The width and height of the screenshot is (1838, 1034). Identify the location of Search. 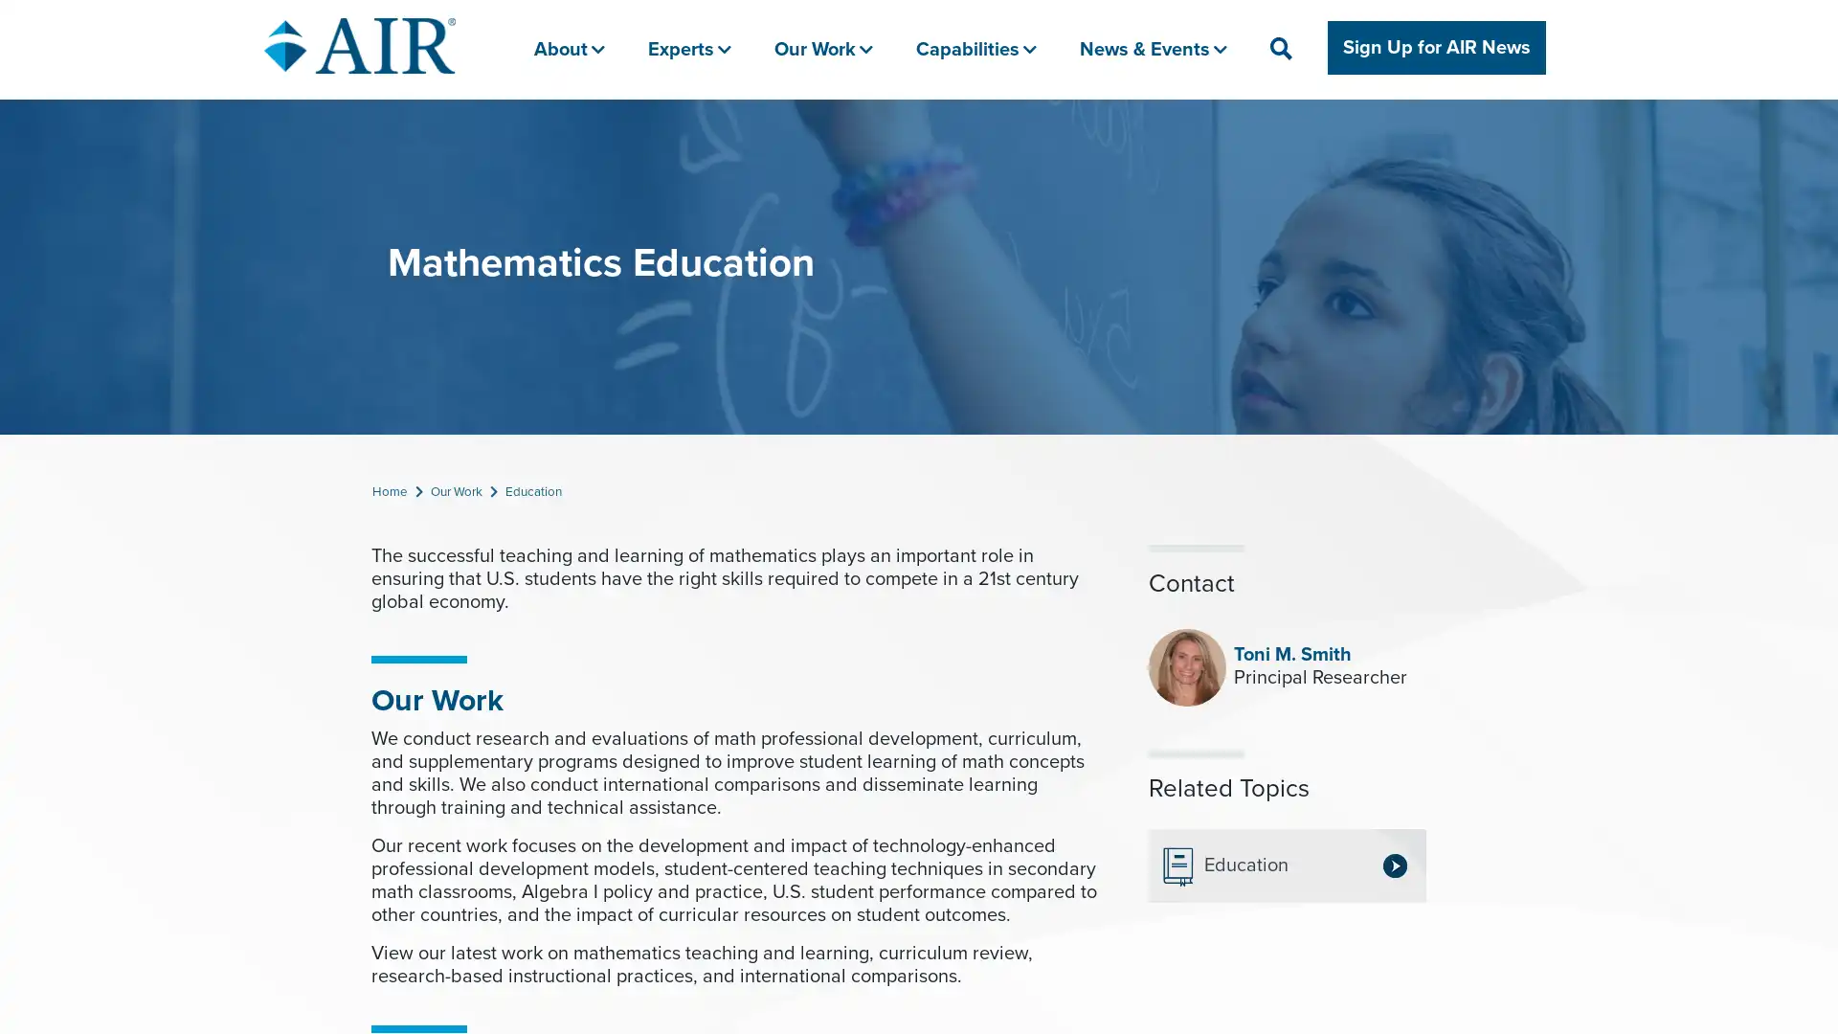
(1356, 131).